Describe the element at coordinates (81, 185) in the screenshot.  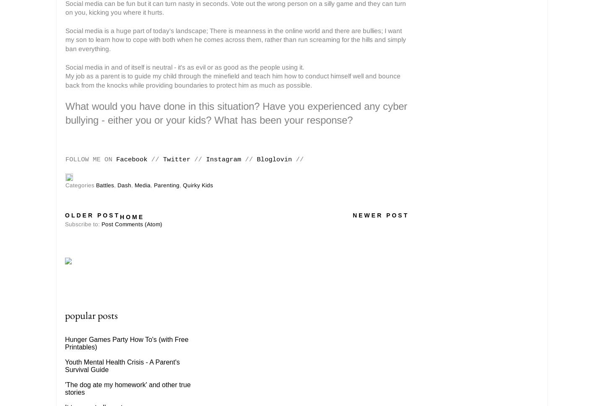
I see `'Categories'` at that location.